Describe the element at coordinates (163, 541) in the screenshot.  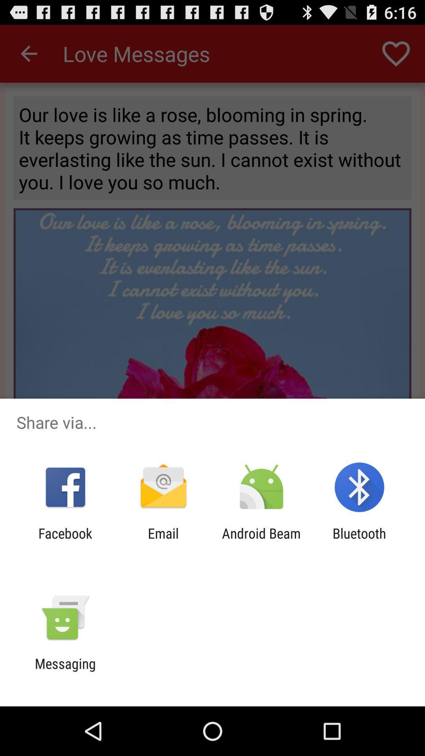
I see `email item` at that location.